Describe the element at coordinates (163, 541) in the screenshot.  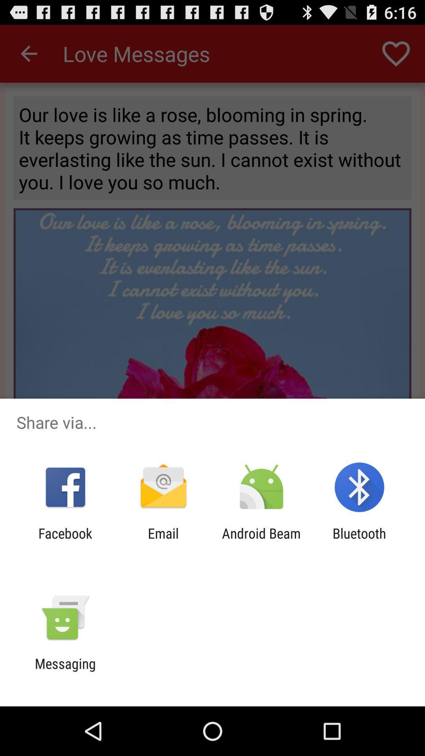
I see `email item` at that location.